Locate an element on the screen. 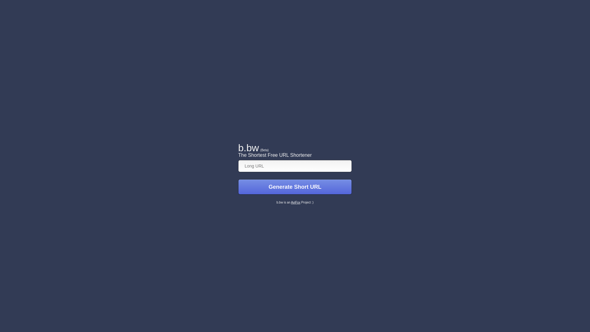 This screenshot has width=590, height=332. 'AviFox' is located at coordinates (295, 202).